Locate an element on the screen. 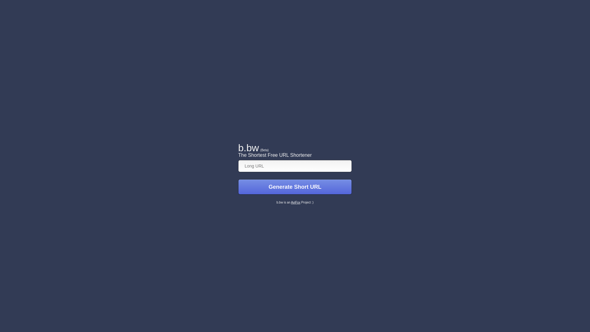 This screenshot has width=590, height=332. 'AviFox' is located at coordinates (295, 202).